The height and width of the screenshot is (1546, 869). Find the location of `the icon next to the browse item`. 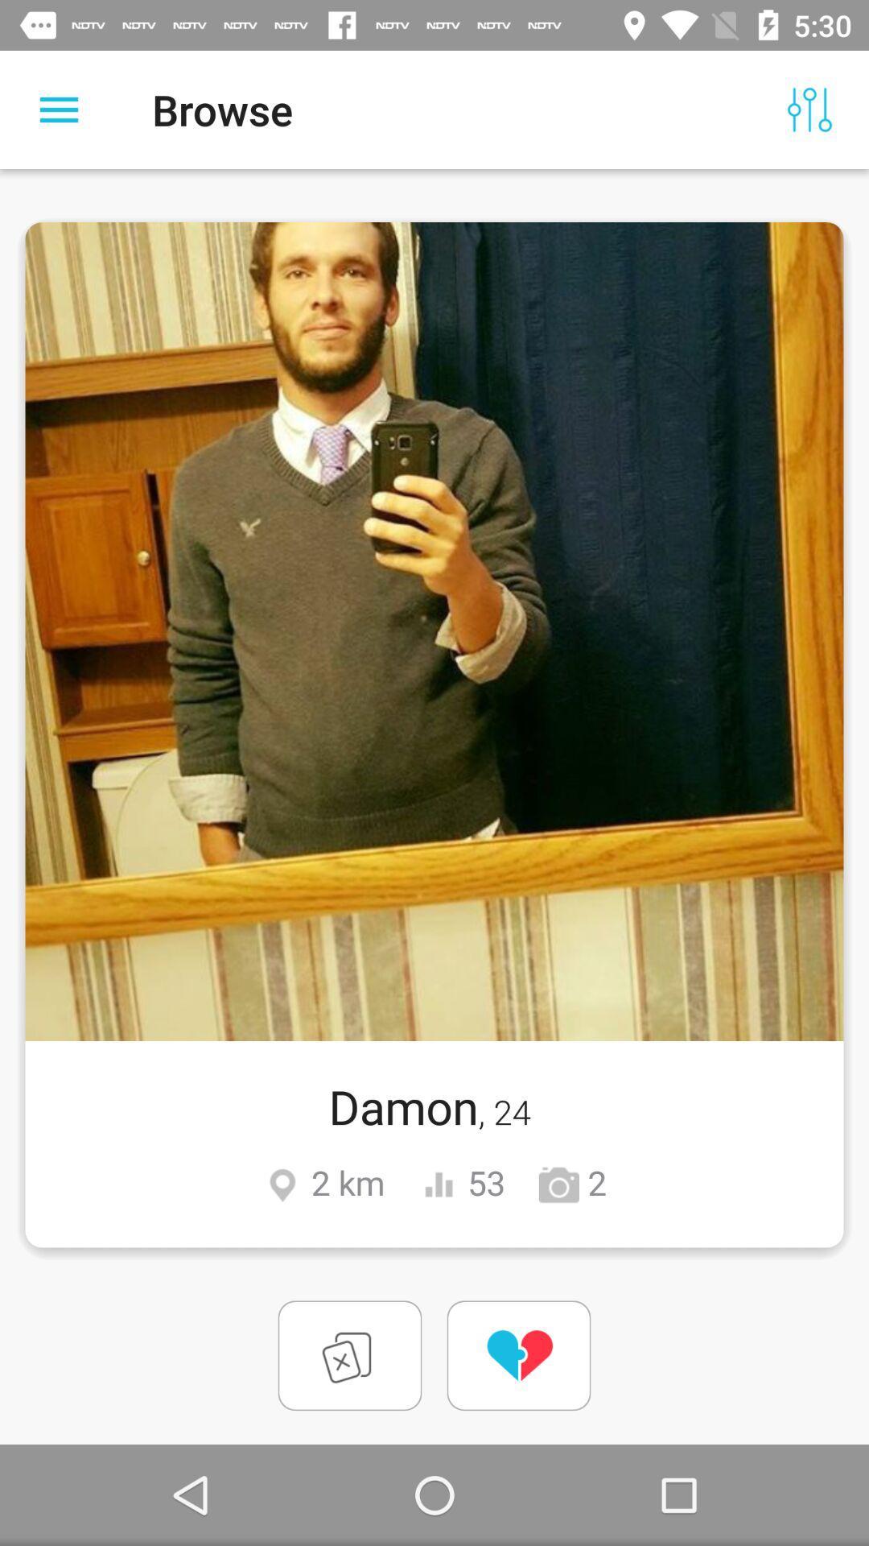

the icon next to the browse item is located at coordinates (809, 109).